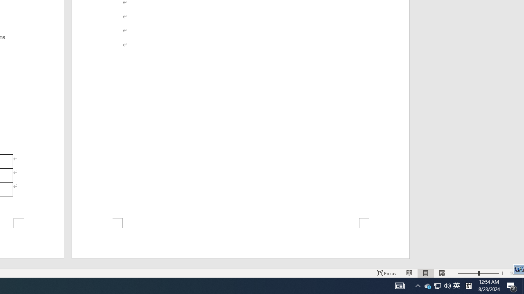 This screenshot has width=524, height=294. Describe the element at coordinates (437, 285) in the screenshot. I see `'User Promoted Notification Area'` at that location.